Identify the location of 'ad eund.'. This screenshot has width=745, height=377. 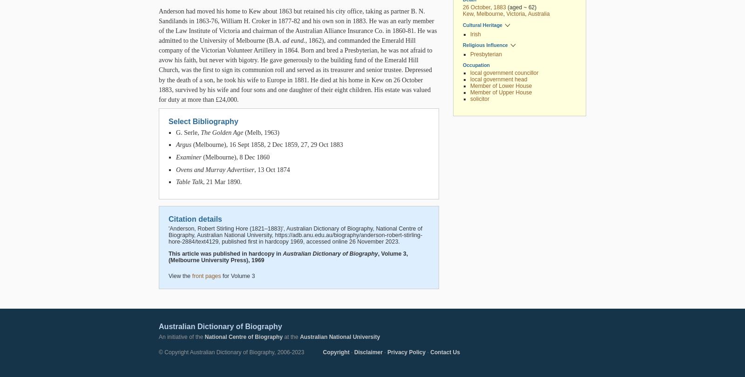
(294, 40).